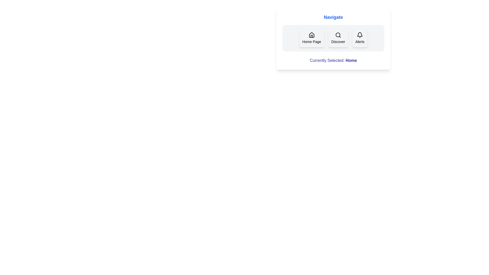 This screenshot has height=275, width=489. Describe the element at coordinates (311, 35) in the screenshot. I see `the 'Home Page' icon located in the first button of the horizontal navigation bar below the title 'Navigate'` at that location.